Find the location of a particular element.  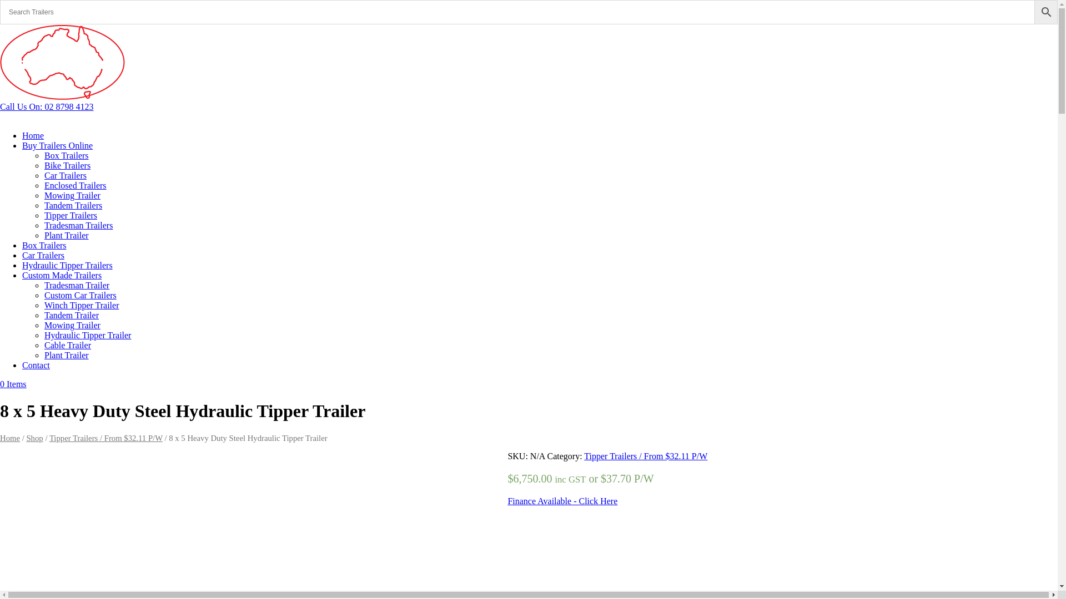

'Home' is located at coordinates (33, 135).